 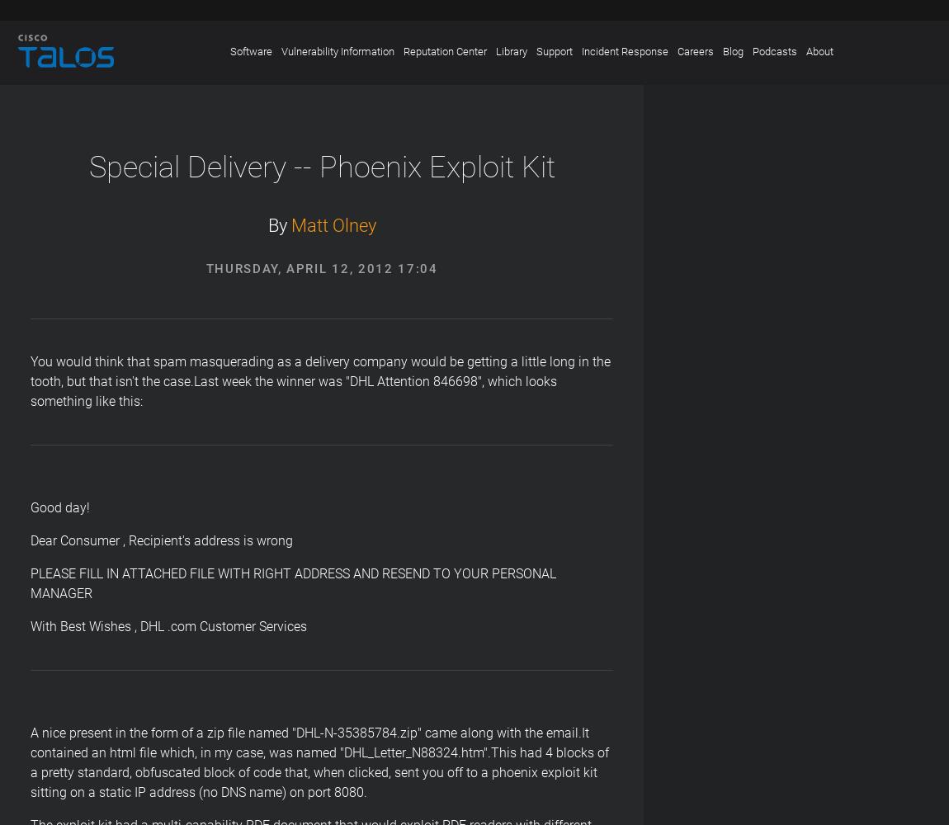 What do you see at coordinates (553, 51) in the screenshot?
I see `'Support'` at bounding box center [553, 51].